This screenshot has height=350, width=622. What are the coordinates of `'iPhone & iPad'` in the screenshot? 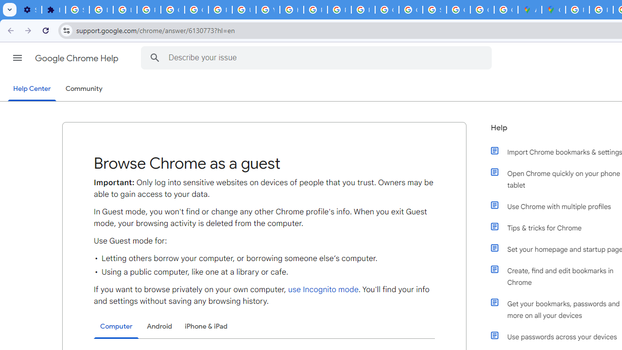 It's located at (206, 326).